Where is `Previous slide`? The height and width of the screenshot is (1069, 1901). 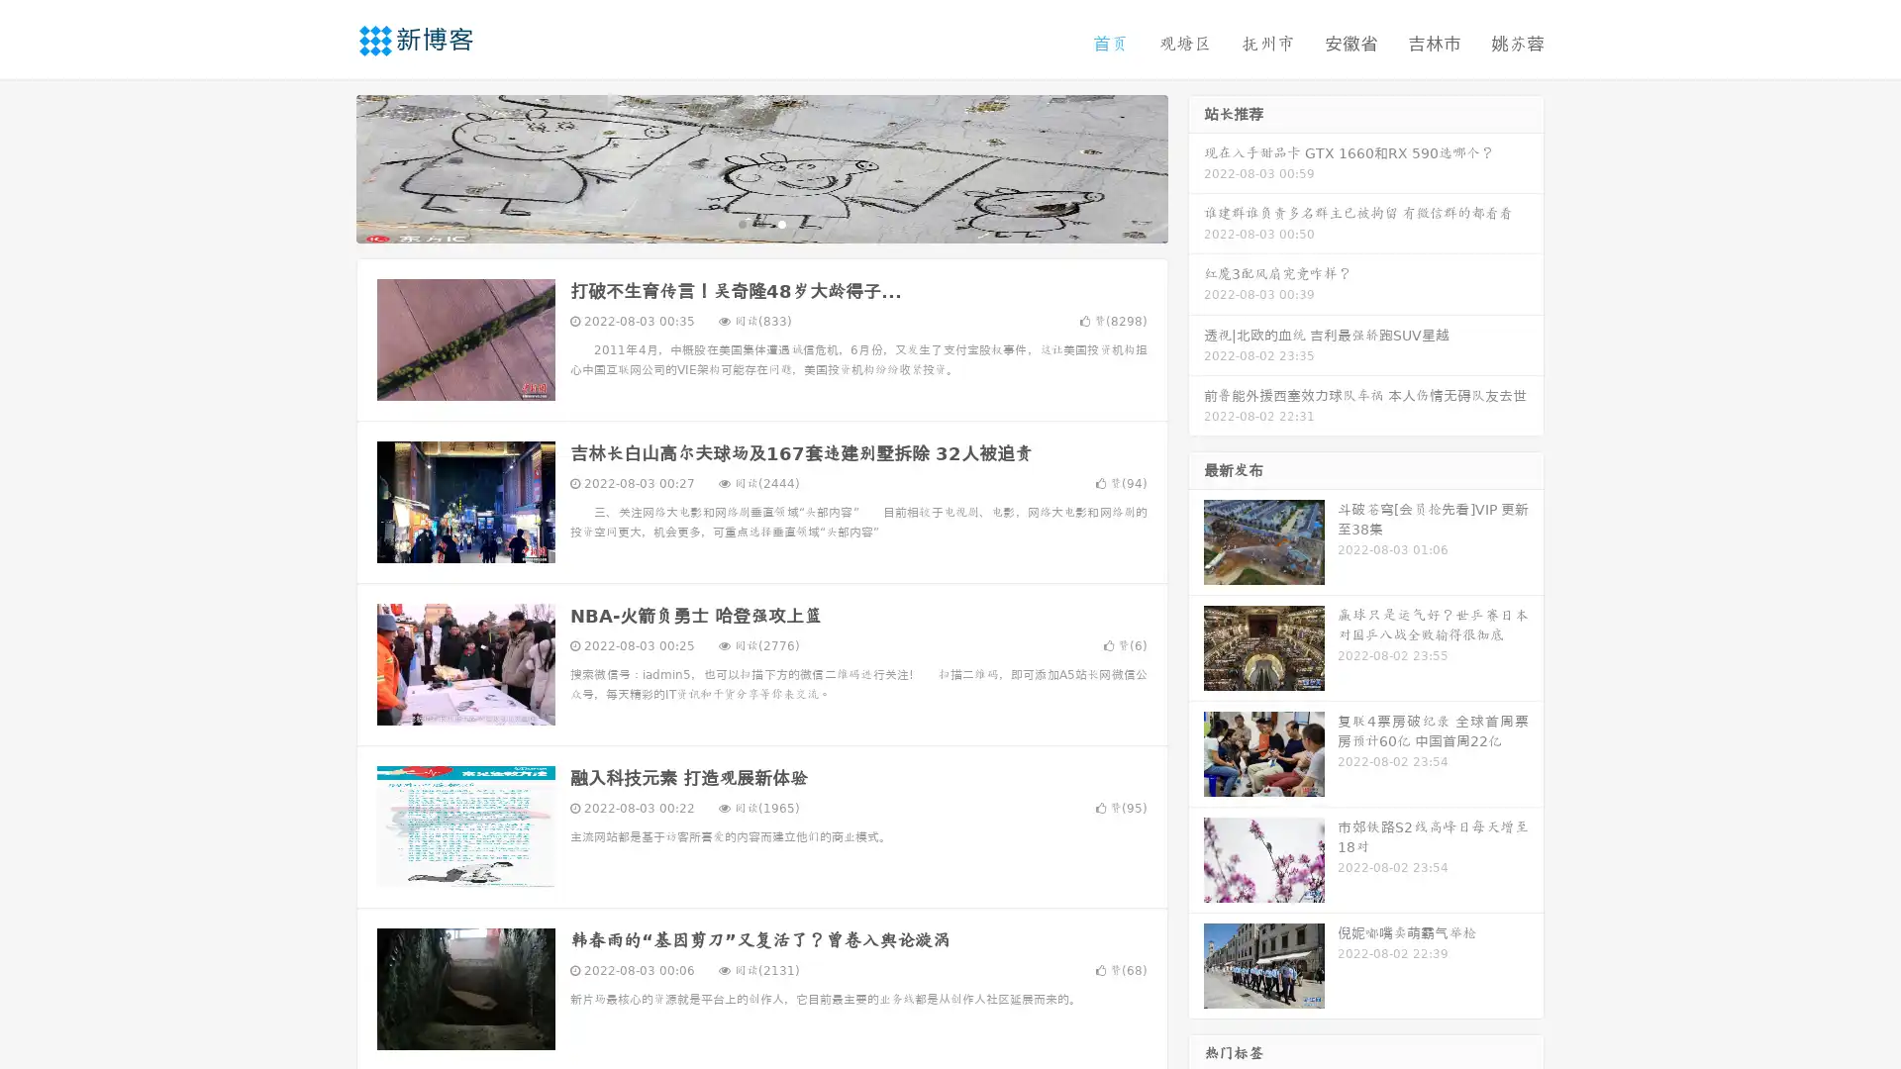 Previous slide is located at coordinates (327, 166).